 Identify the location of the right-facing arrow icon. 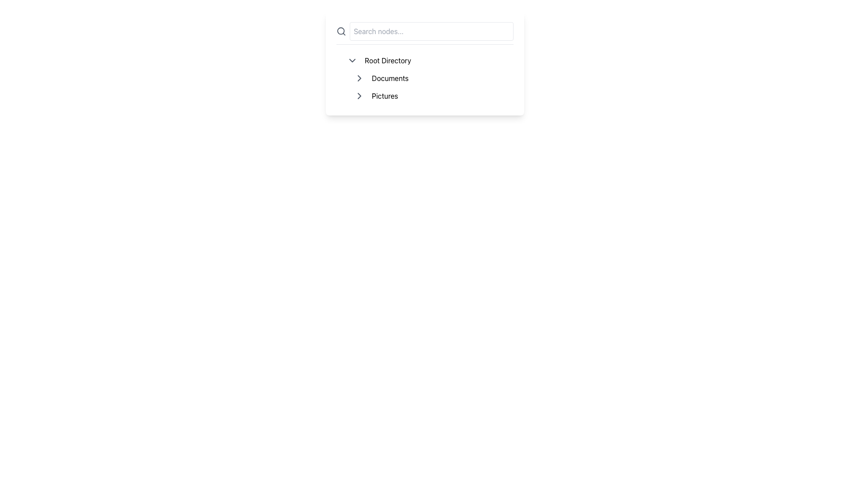
(359, 96).